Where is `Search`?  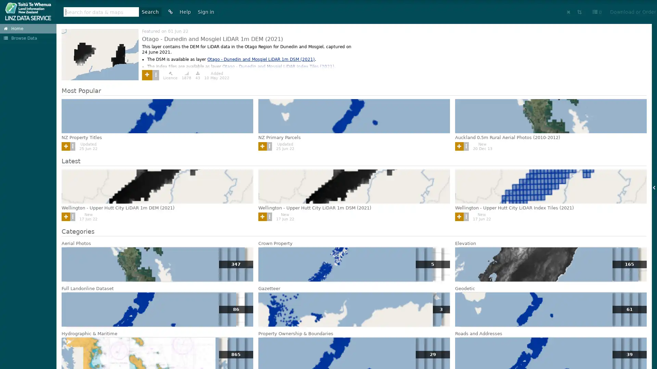 Search is located at coordinates (150, 12).